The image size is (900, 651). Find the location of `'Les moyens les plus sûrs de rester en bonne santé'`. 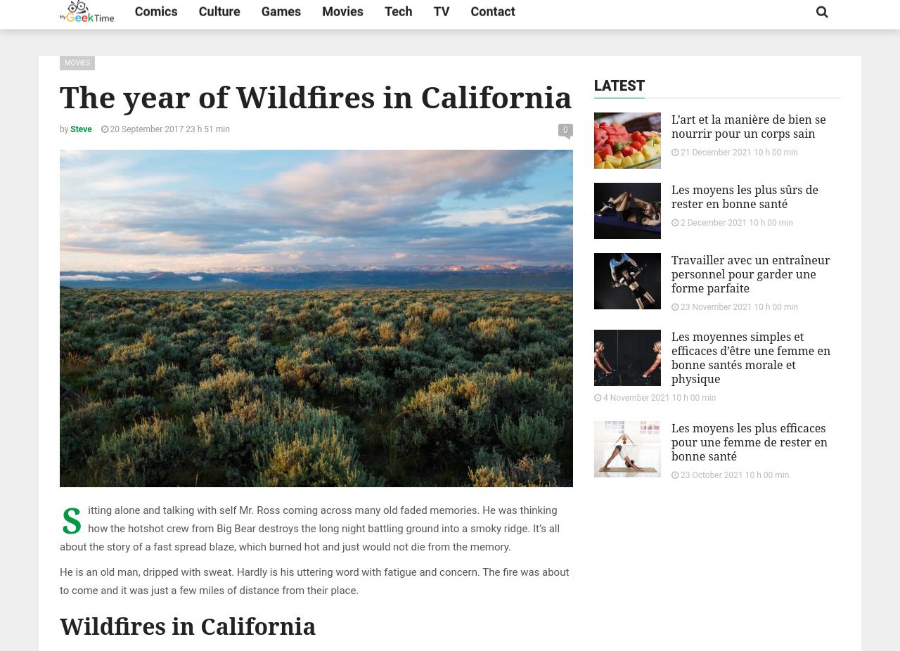

'Les moyens les plus sûrs de rester en bonne santé' is located at coordinates (744, 197).